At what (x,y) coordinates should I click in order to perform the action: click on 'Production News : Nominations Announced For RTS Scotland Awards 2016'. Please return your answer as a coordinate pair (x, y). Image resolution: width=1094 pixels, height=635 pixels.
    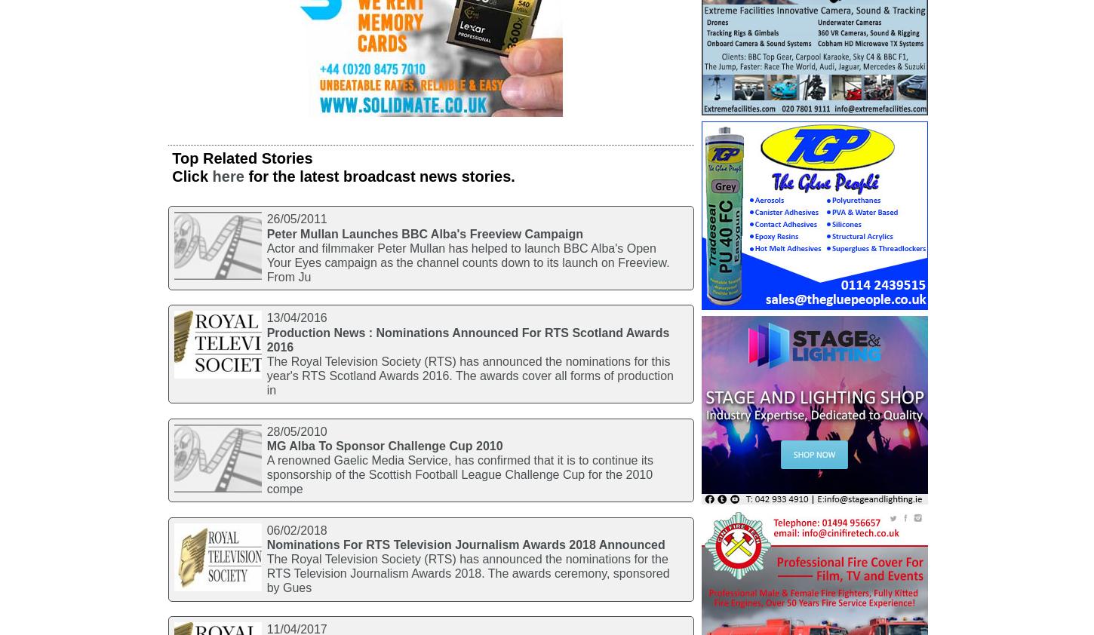
    Looking at the image, I should click on (467, 338).